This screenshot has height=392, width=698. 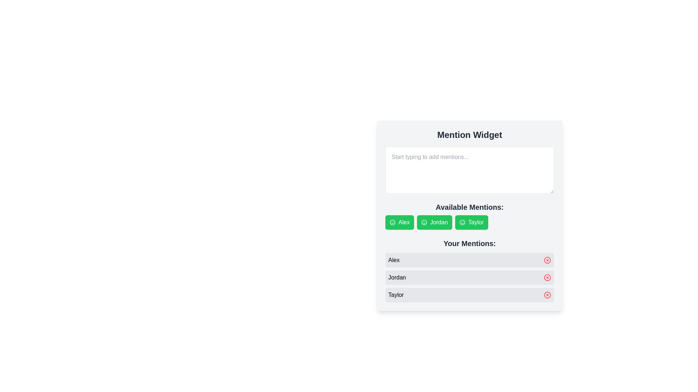 I want to click on text of the first mention label in the 'Your Mentions' section, which displays a user mention name above 'Jordan' and 'Taylor', so click(x=393, y=260).